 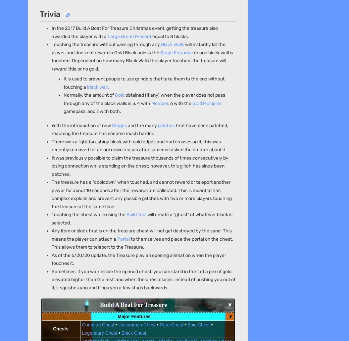 I want to click on 'Overview', so click(x=38, y=49).